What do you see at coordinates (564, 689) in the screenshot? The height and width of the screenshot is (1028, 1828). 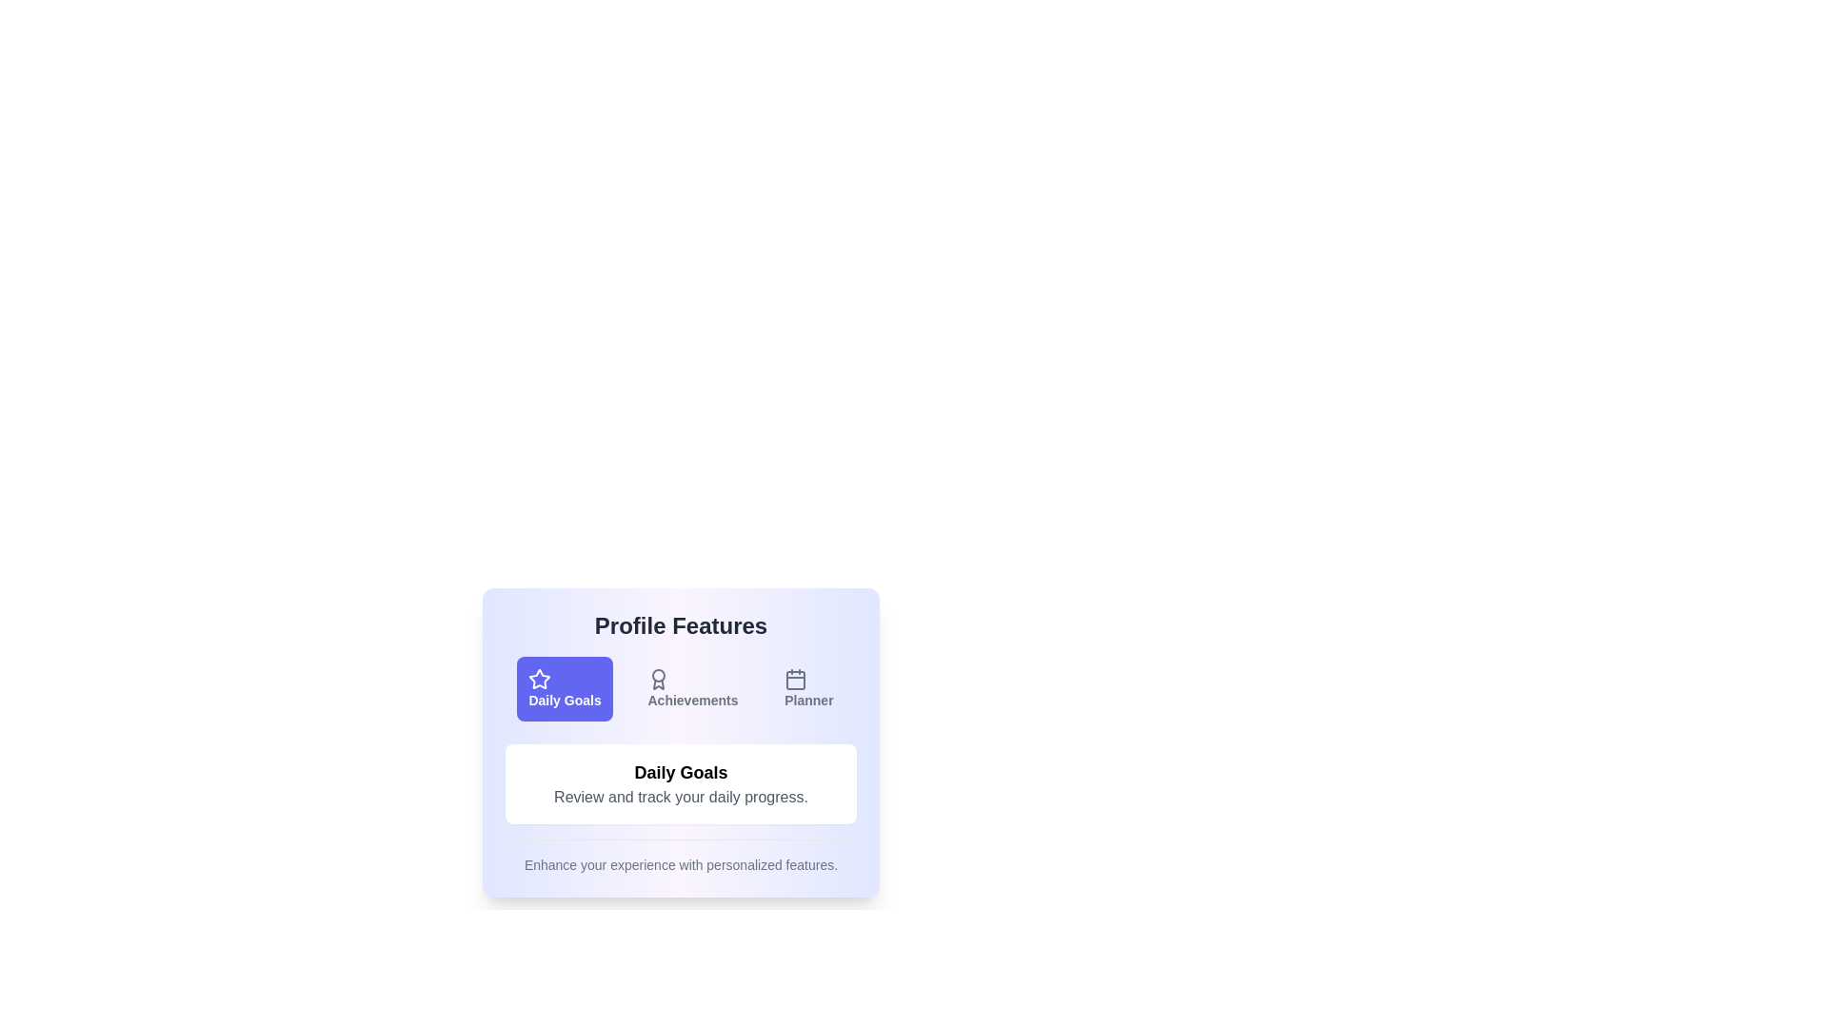 I see `the Daily Goals tab to switch to its content` at bounding box center [564, 689].